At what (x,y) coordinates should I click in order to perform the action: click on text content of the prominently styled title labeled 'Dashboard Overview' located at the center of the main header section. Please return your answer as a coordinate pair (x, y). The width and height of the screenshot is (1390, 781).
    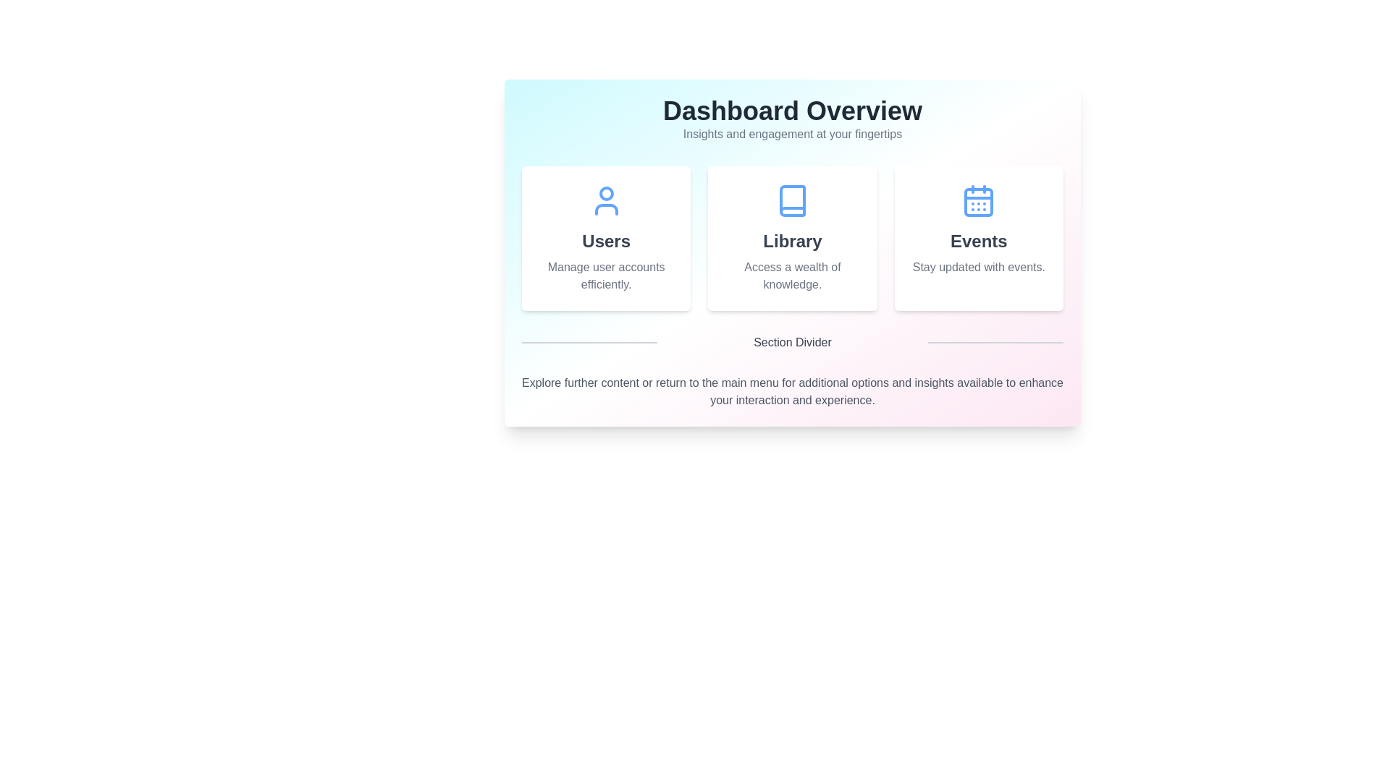
    Looking at the image, I should click on (791, 111).